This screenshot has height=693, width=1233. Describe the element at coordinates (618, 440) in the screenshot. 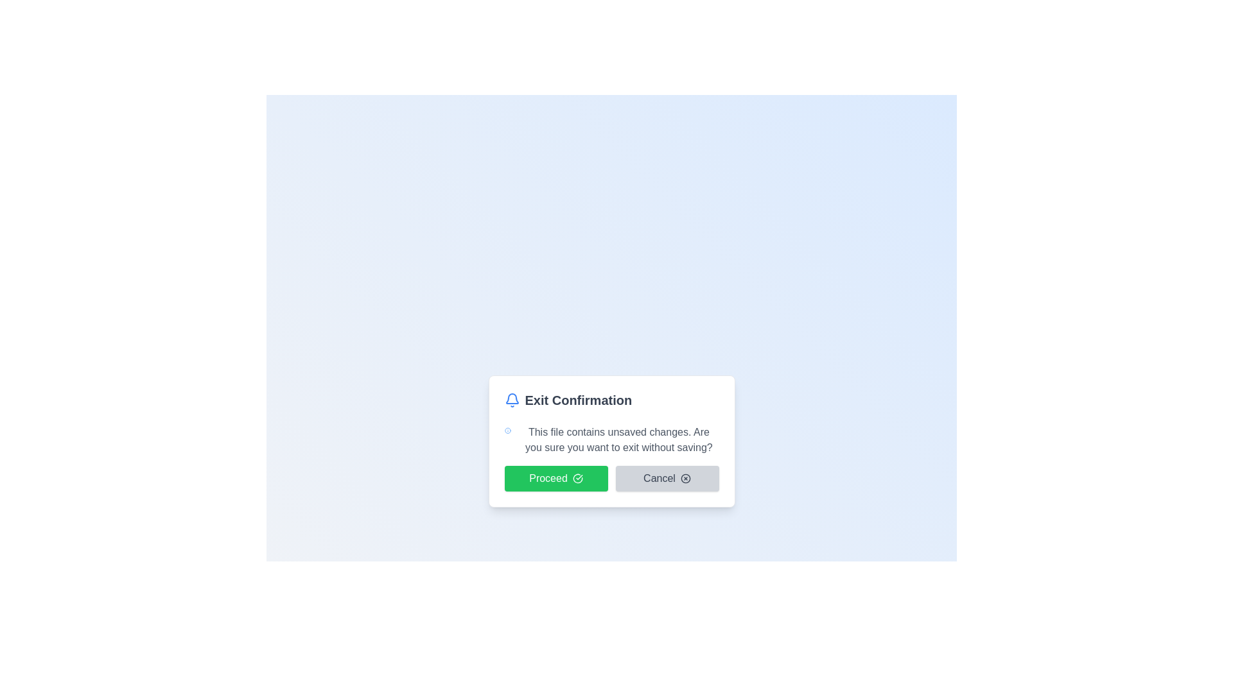

I see `the warning message in the 'Exit Confirmation' dialog box that informs users about unsaved changes` at that location.